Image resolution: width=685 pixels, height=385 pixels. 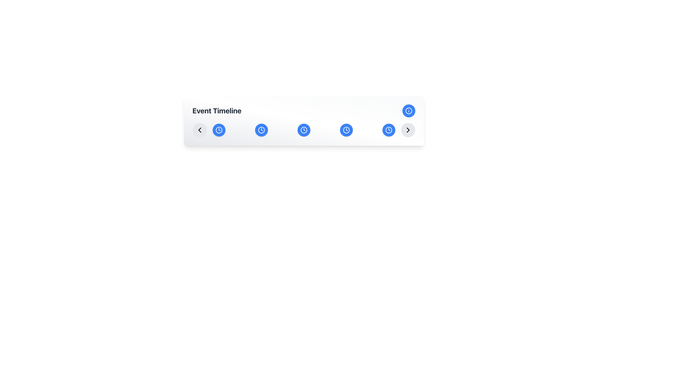 I want to click on the Icon button located at the rightmost position of the horizontal navigation bar, so click(x=408, y=130).